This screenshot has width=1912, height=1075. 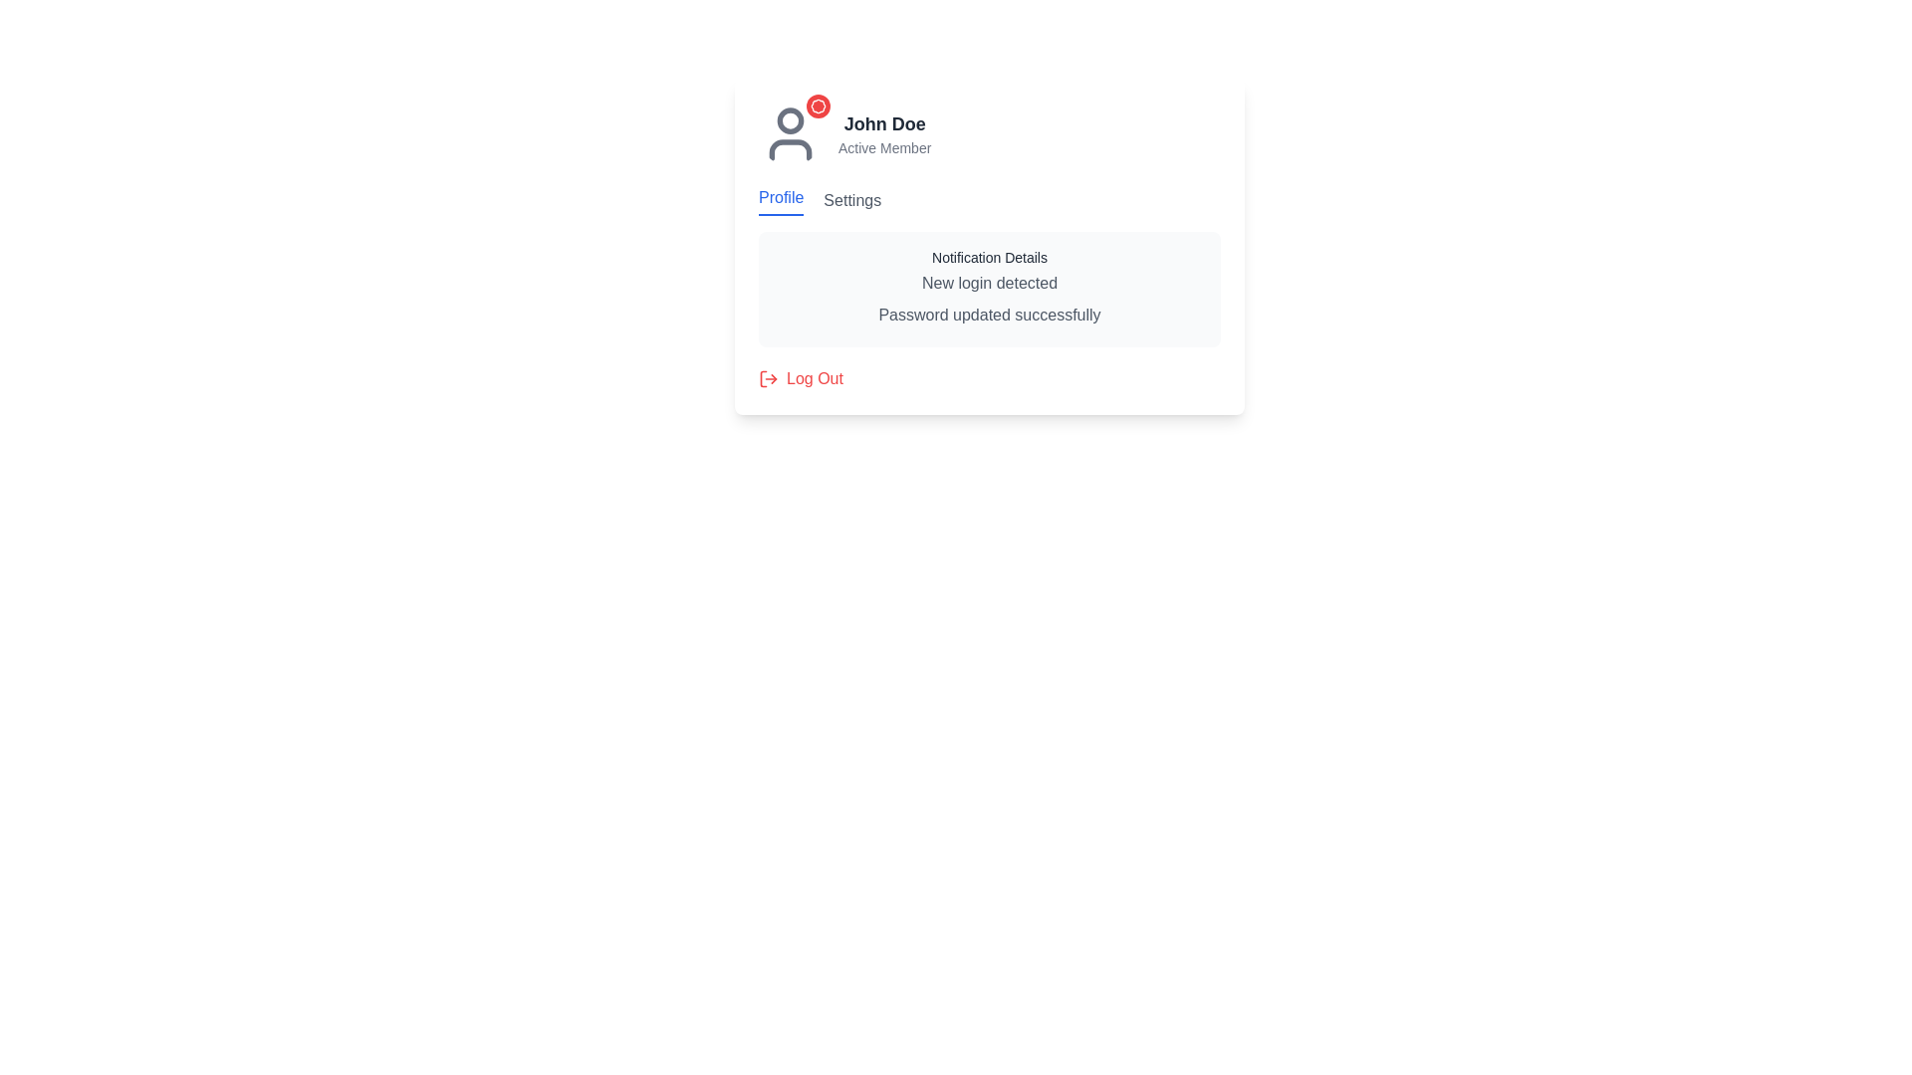 I want to click on the decorative circular graphic element located slightly above the center of the enclosing user profile icon, so click(x=789, y=119).